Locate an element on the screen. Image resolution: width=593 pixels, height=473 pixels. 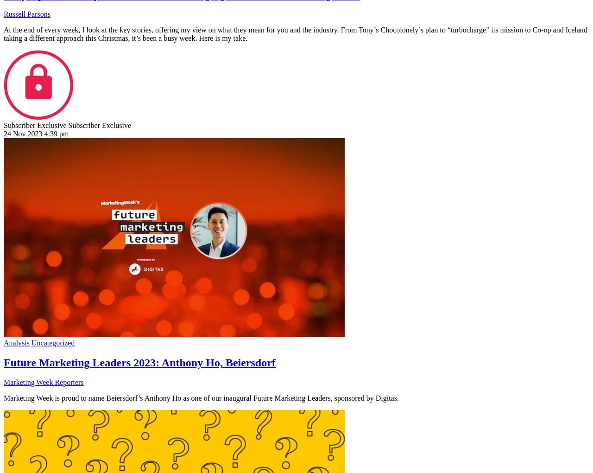
'Marketing Week is proud to name Beiersdorf’s Anthony Ho as one of our inaugural Future Marketing Leaders, sponsored by Digitas.' is located at coordinates (201, 397).